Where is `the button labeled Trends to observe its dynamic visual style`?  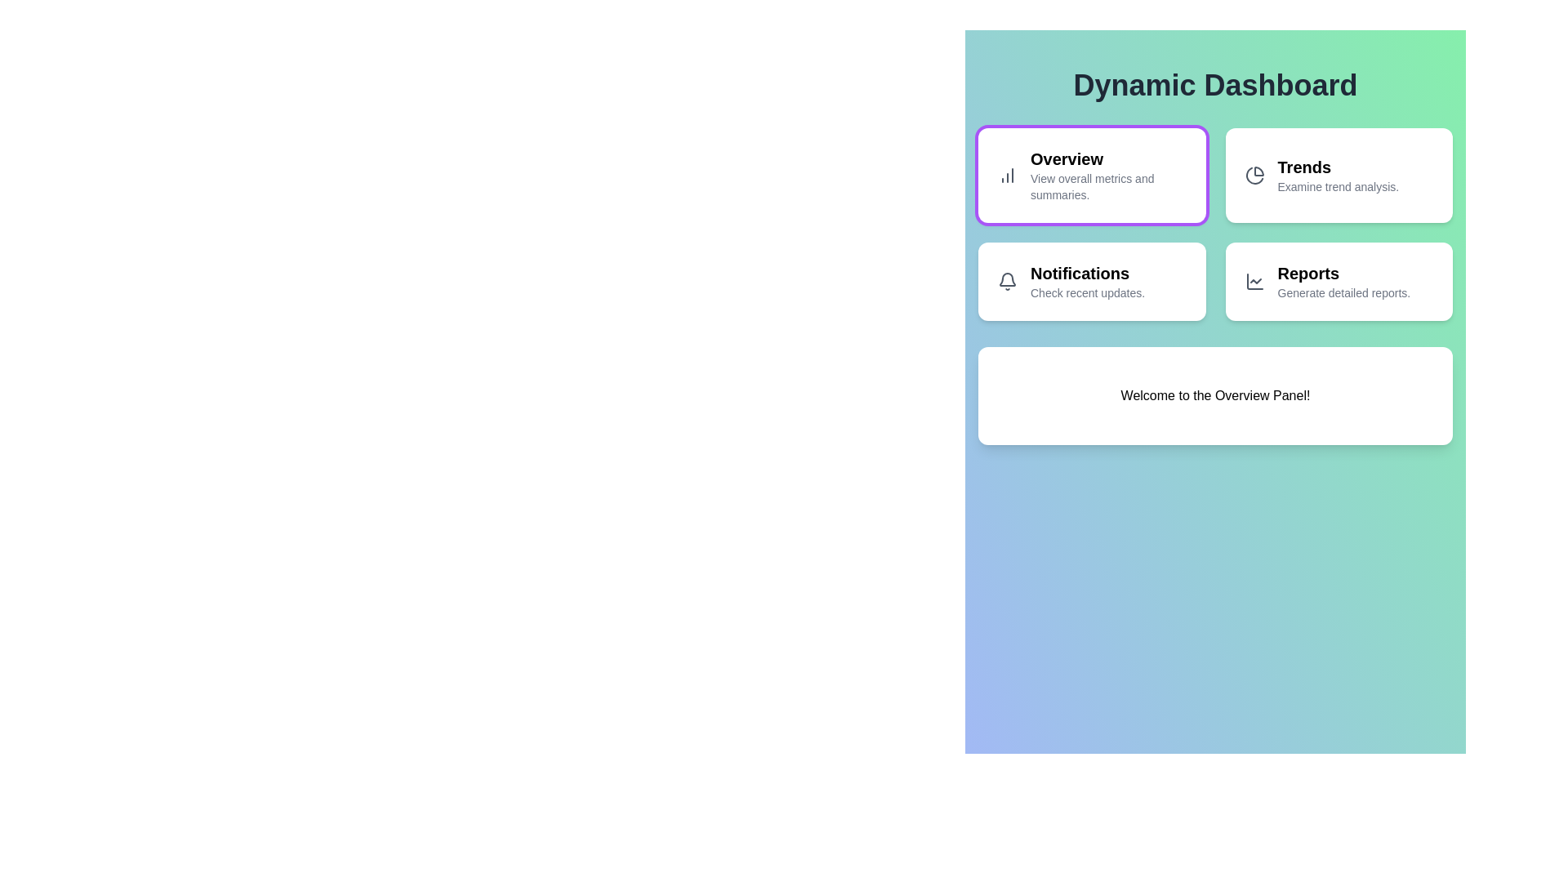 the button labeled Trends to observe its dynamic visual style is located at coordinates (1339, 176).